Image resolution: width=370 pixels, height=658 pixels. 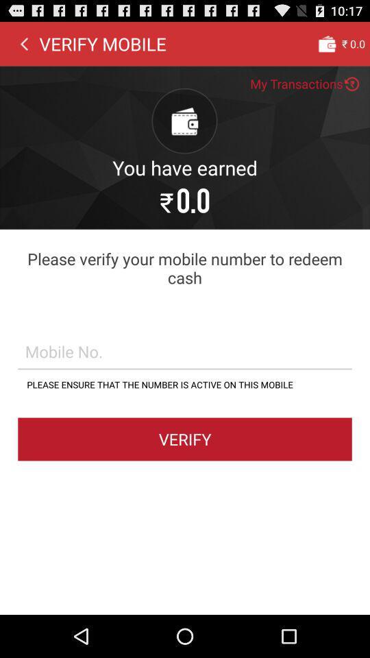 What do you see at coordinates (185, 350) in the screenshot?
I see `phone number` at bounding box center [185, 350].